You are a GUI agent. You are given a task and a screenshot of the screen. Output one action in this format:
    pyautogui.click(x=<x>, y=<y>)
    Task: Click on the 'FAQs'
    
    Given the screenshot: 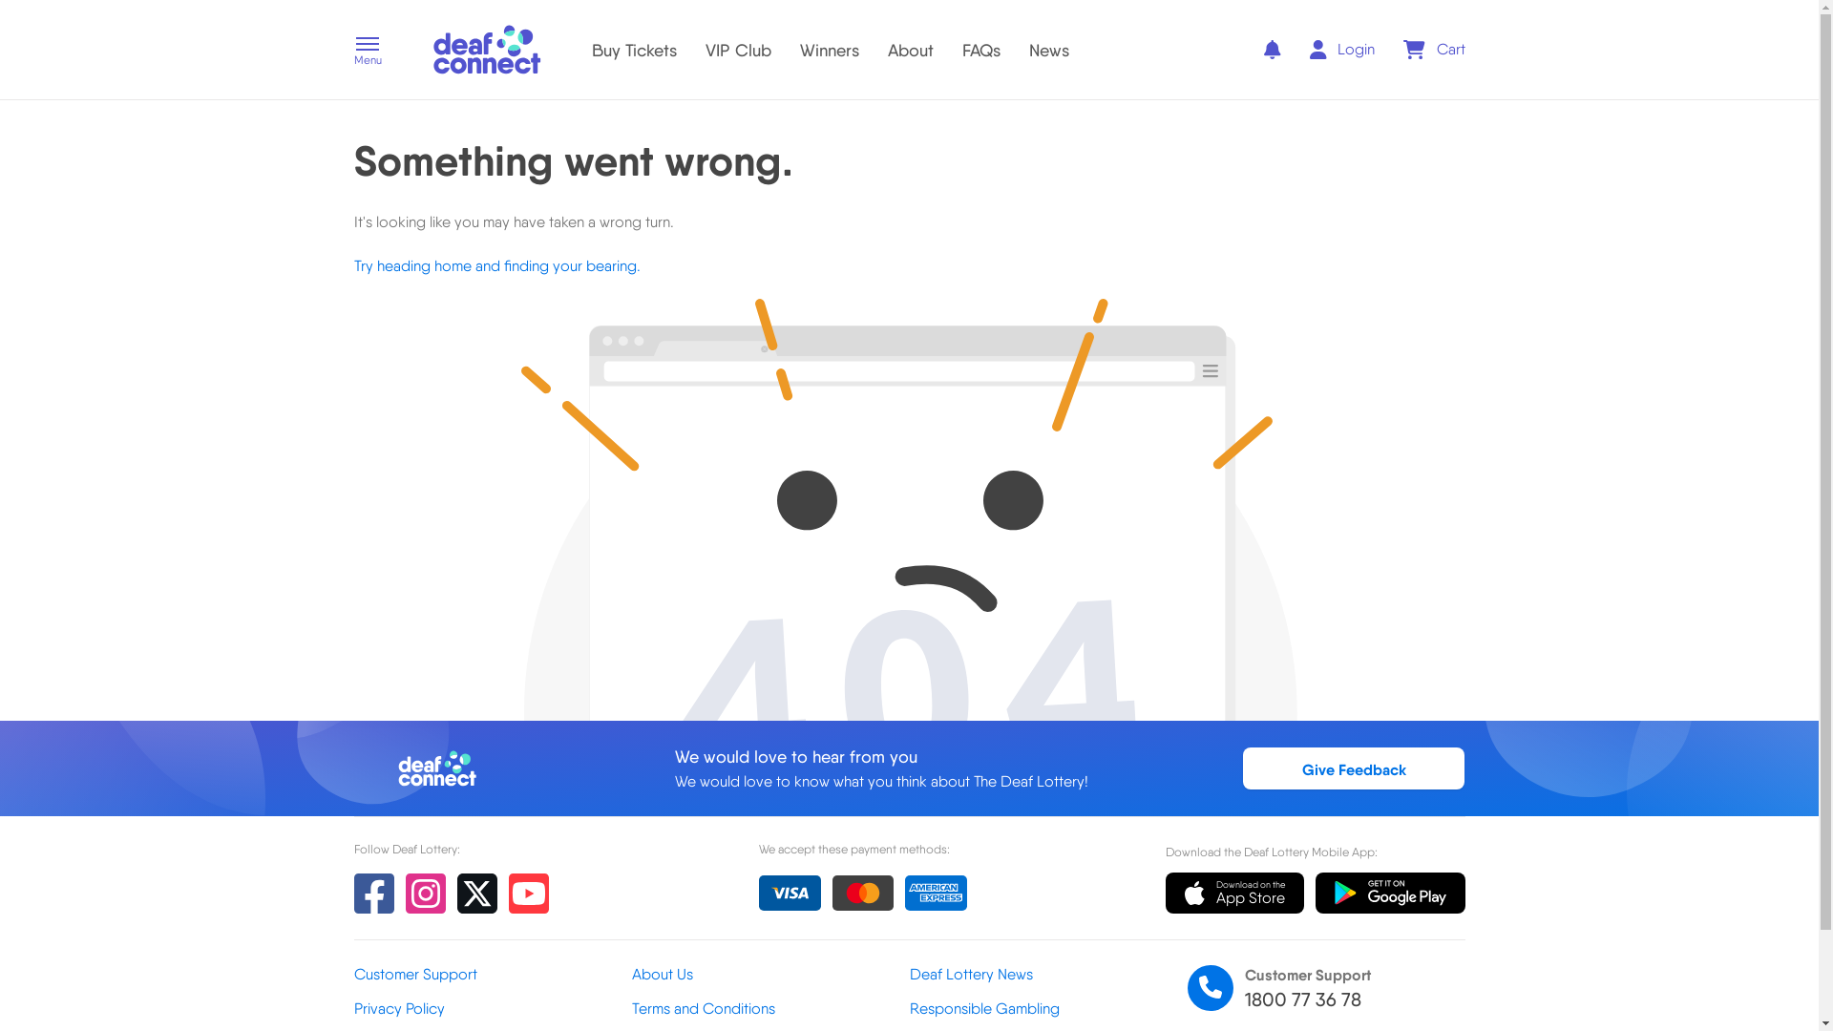 What is the action you would take?
    pyautogui.click(x=962, y=48)
    